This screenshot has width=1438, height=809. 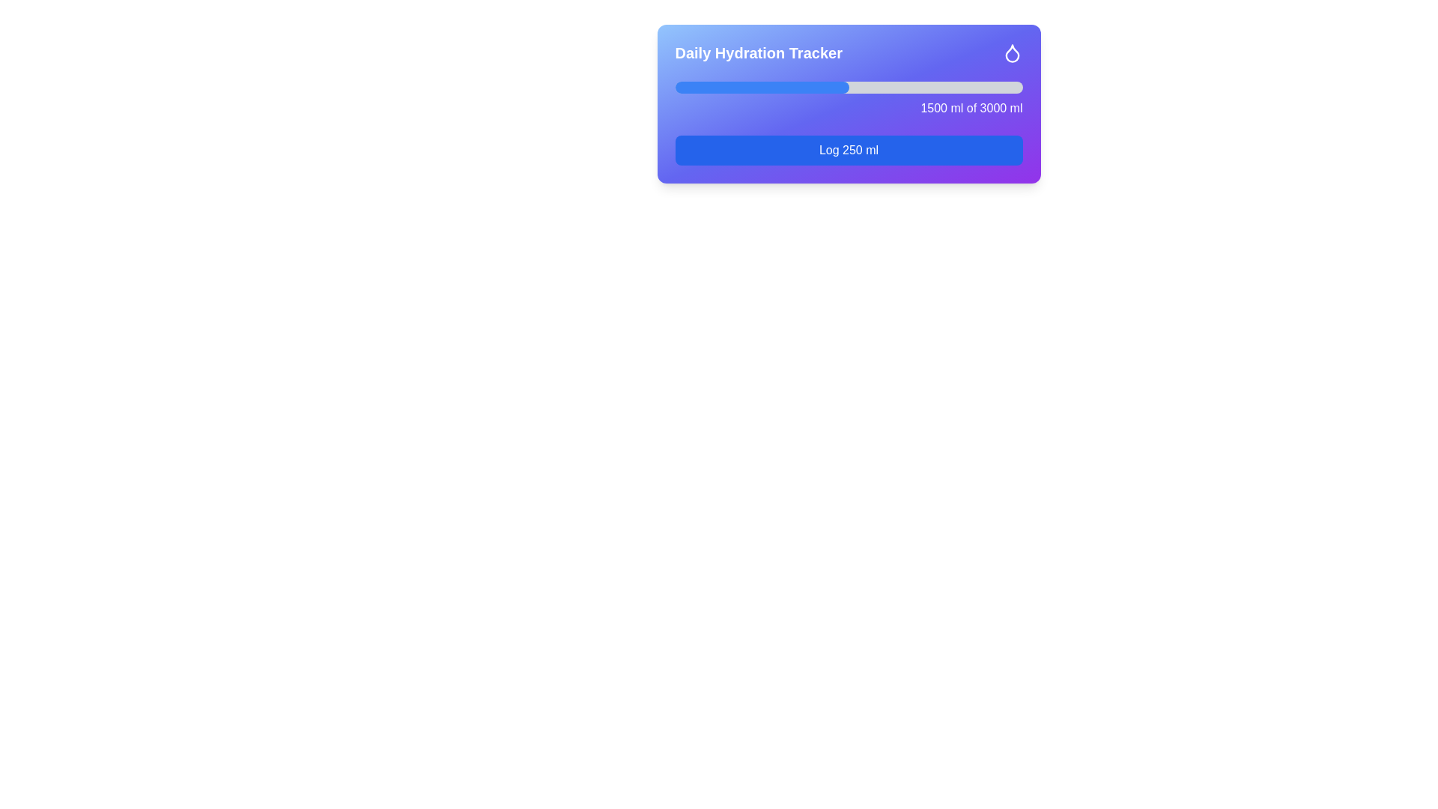 I want to click on the Progress bar fill element that indicates the current progress toward a hydration goal, which occupies the left half of the gray background bar, so click(x=762, y=87).